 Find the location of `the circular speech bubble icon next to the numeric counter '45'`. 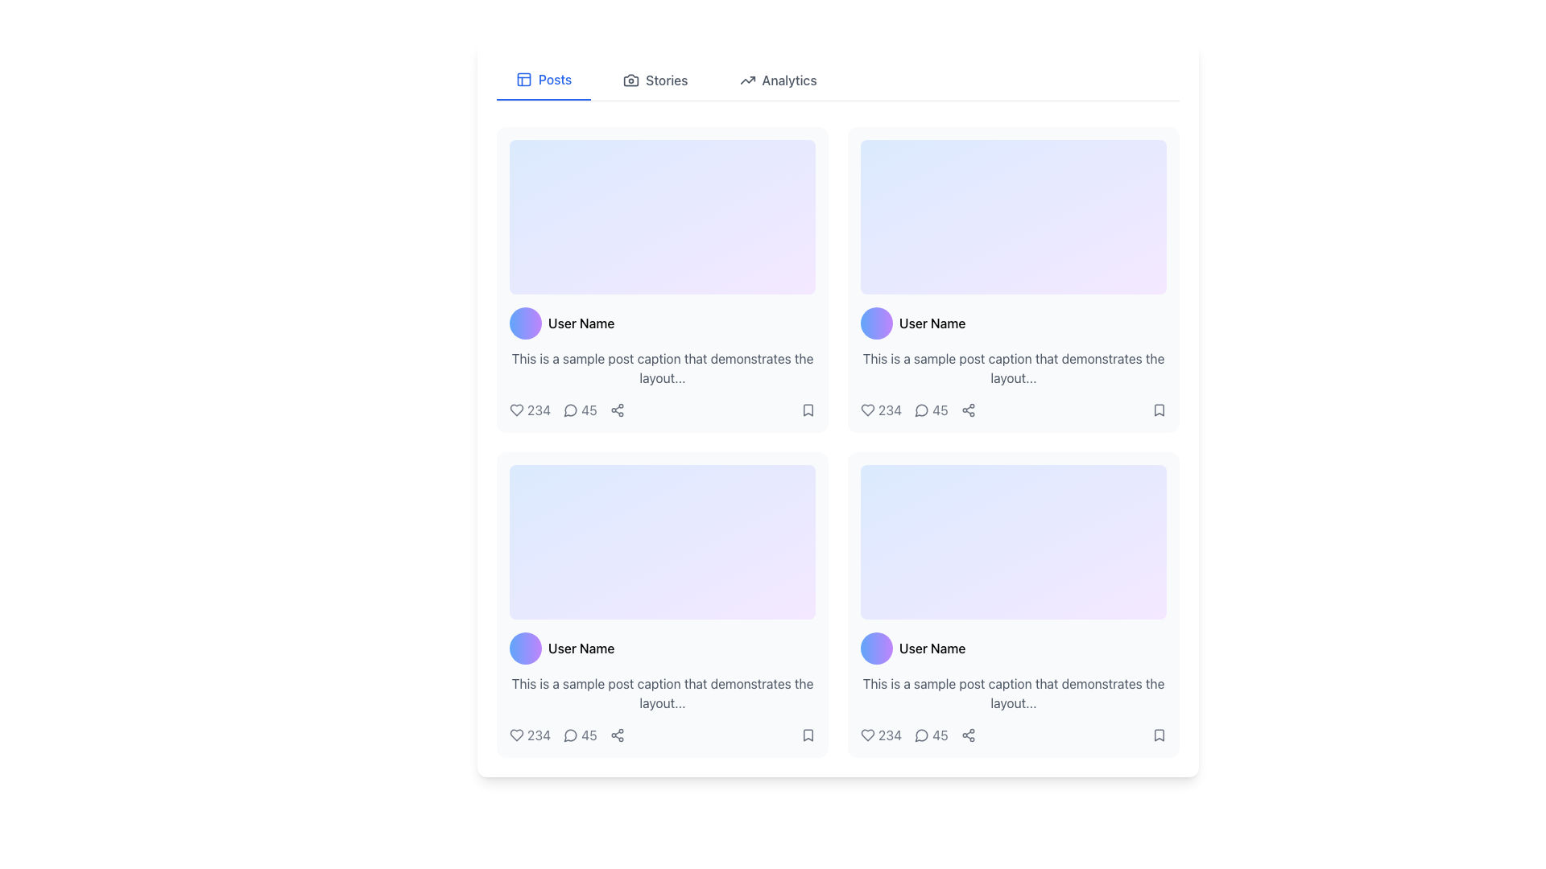

the circular speech bubble icon next to the numeric counter '45' is located at coordinates (571, 735).